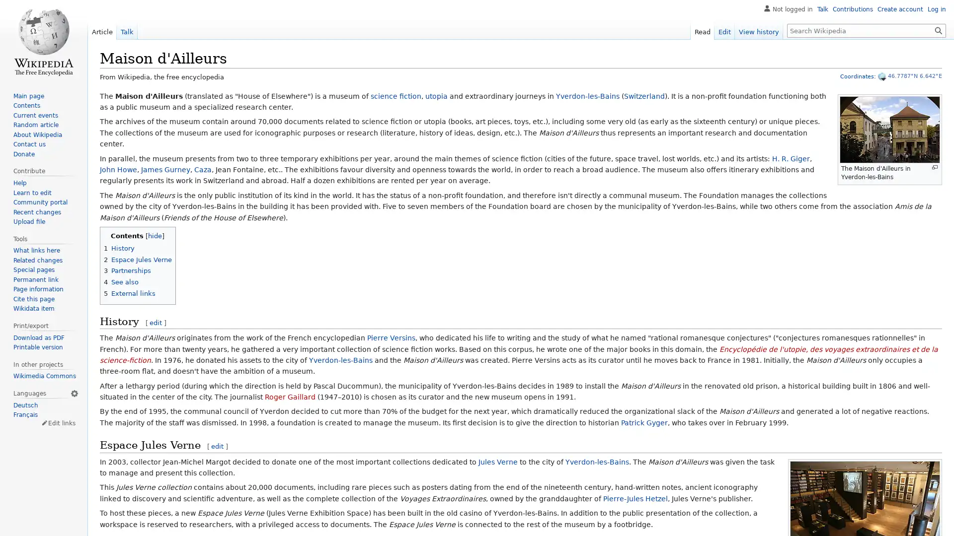  Describe the element at coordinates (938, 30) in the screenshot. I see `Go` at that location.